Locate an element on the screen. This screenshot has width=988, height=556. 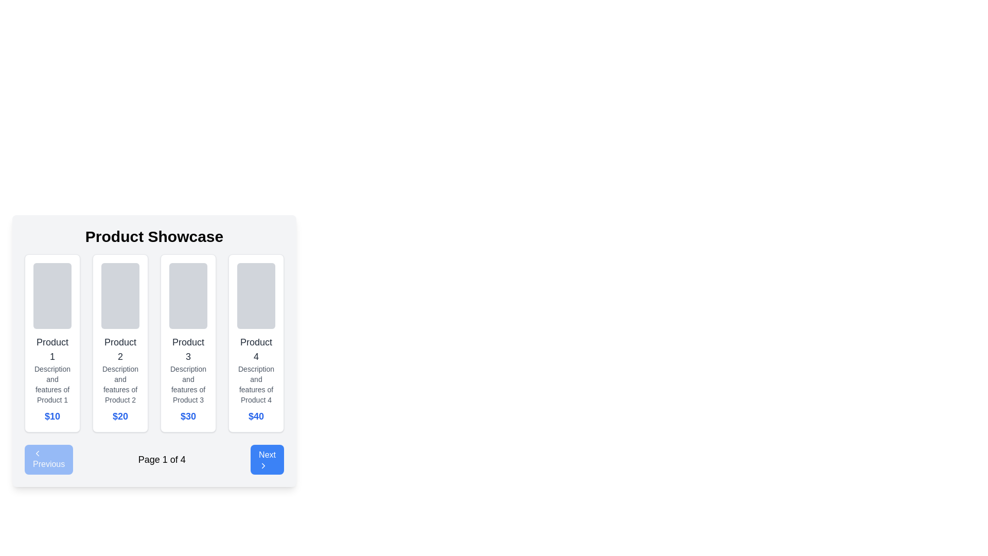
the price display for the second product, located below the description text 'Description and features of Product 2' in the product listing interface is located at coordinates (120, 416).